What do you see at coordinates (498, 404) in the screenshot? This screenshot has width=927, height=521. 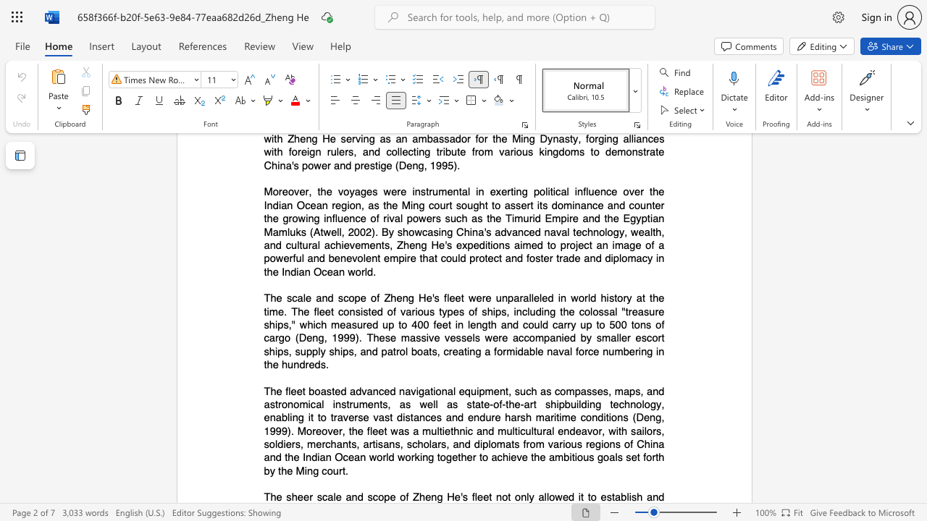 I see `the space between the continuous character "o" and "f" in the text` at bounding box center [498, 404].